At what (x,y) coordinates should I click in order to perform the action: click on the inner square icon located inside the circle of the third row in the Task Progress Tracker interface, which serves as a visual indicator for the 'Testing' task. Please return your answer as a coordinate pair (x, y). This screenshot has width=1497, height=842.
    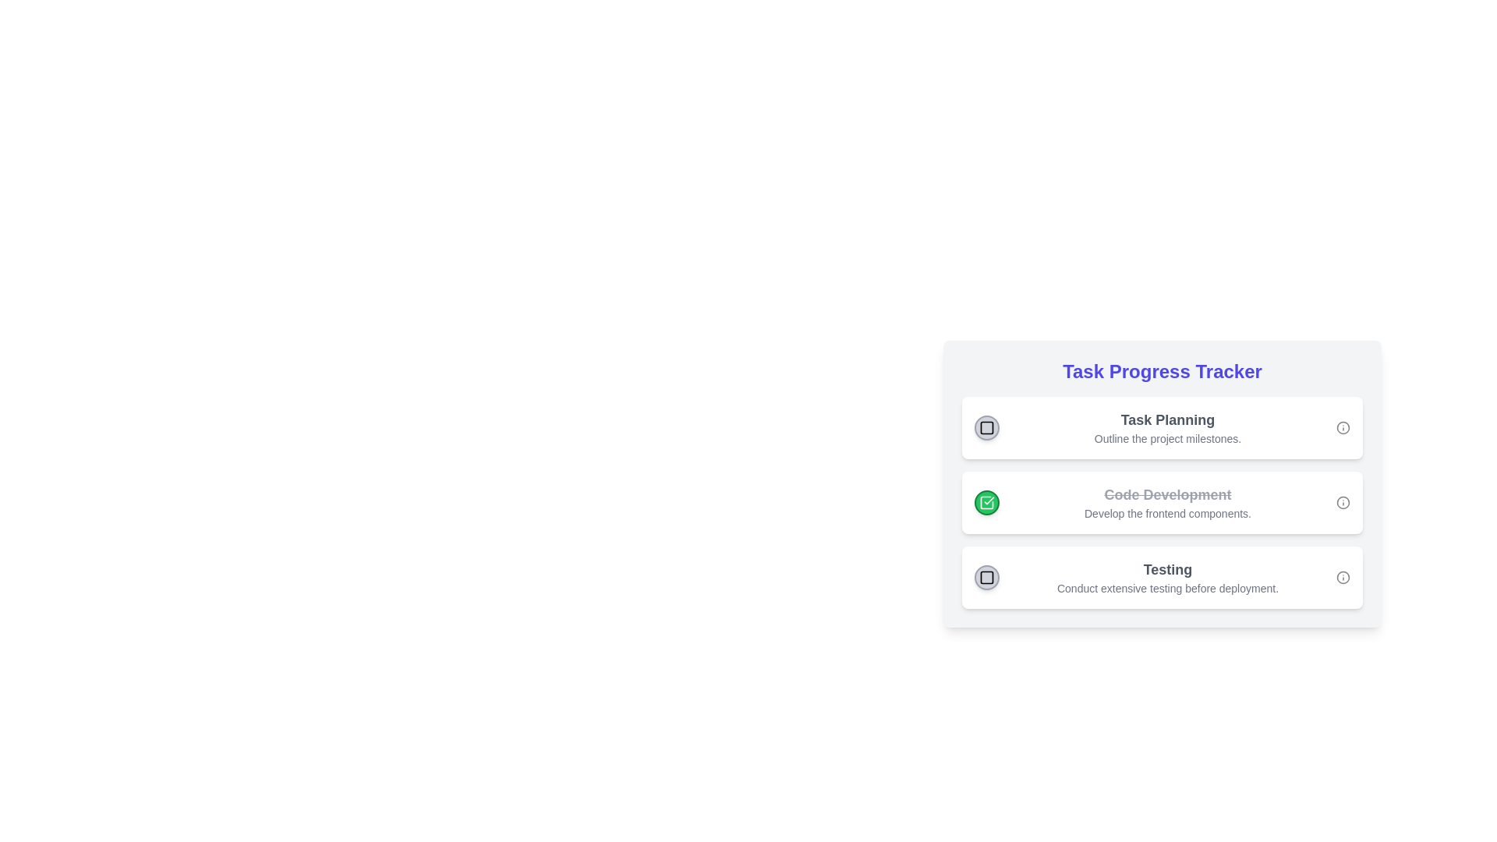
    Looking at the image, I should click on (986, 577).